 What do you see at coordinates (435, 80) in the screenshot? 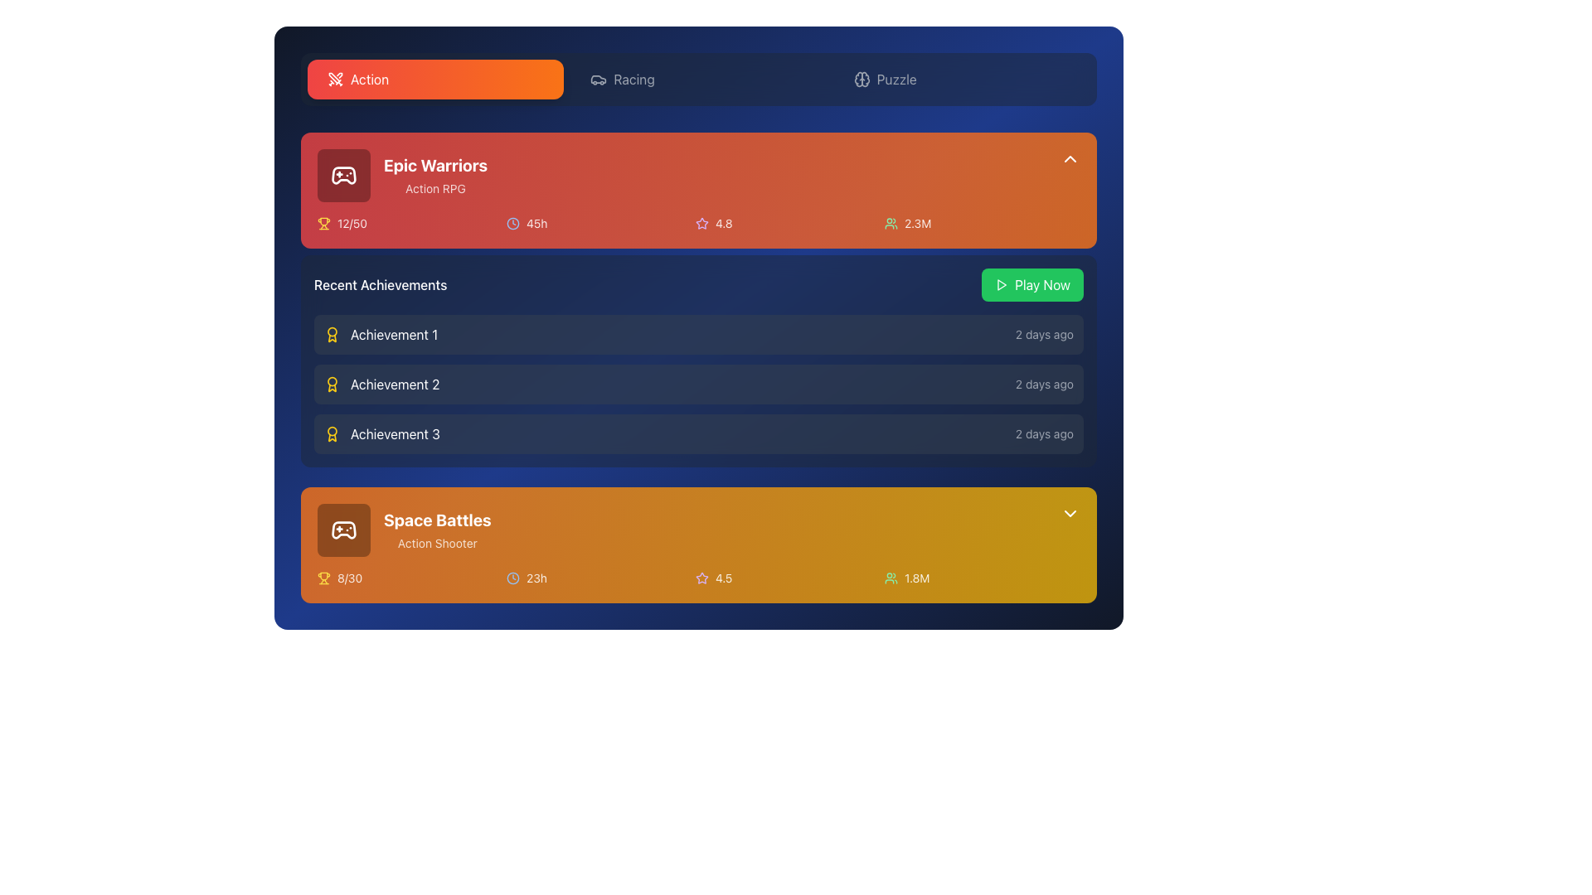
I see `the first button in the horizontal navigation bar, which is styled with rounded corners, a gradient background from red to orange, and labeled 'Action' with an icon of crossed swords` at bounding box center [435, 80].